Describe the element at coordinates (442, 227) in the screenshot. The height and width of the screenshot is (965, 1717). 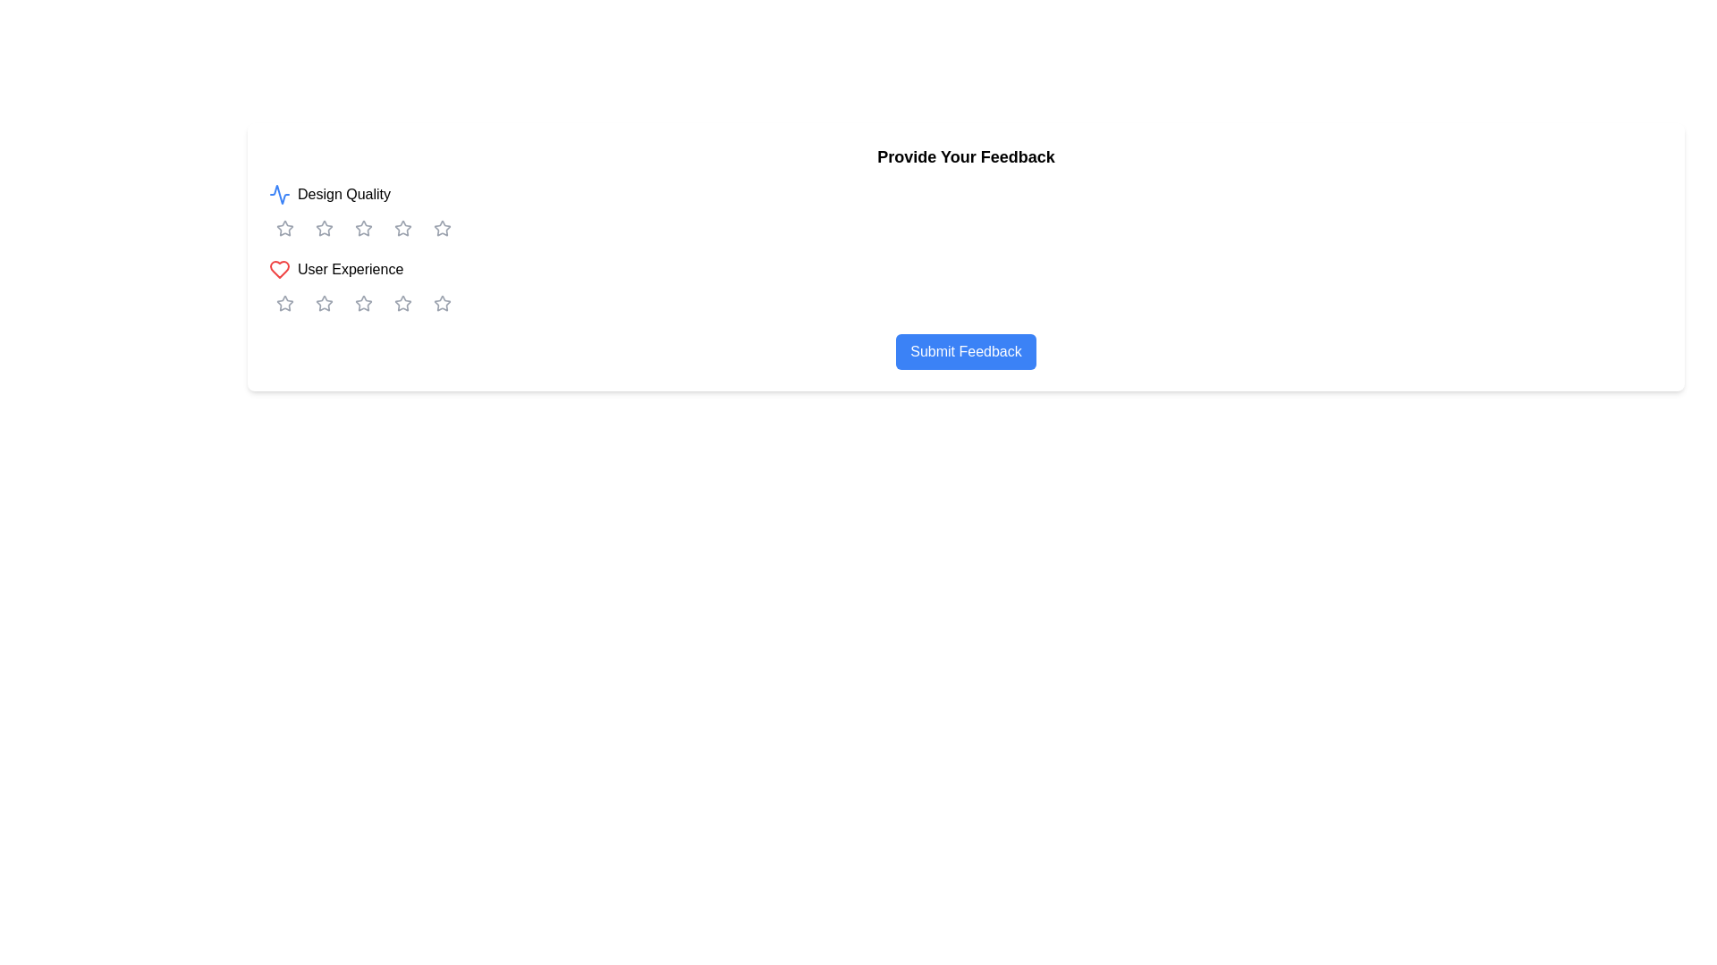
I see `the fifth star icon` at that location.